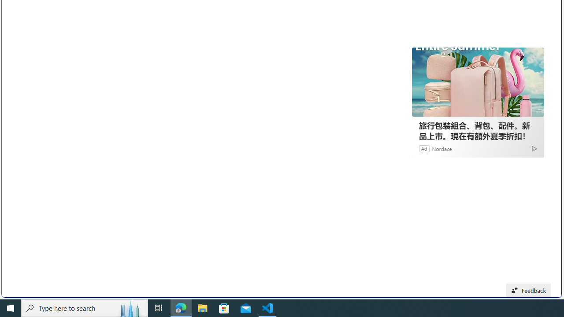  Describe the element at coordinates (424, 148) in the screenshot. I see `'Ad'` at that location.